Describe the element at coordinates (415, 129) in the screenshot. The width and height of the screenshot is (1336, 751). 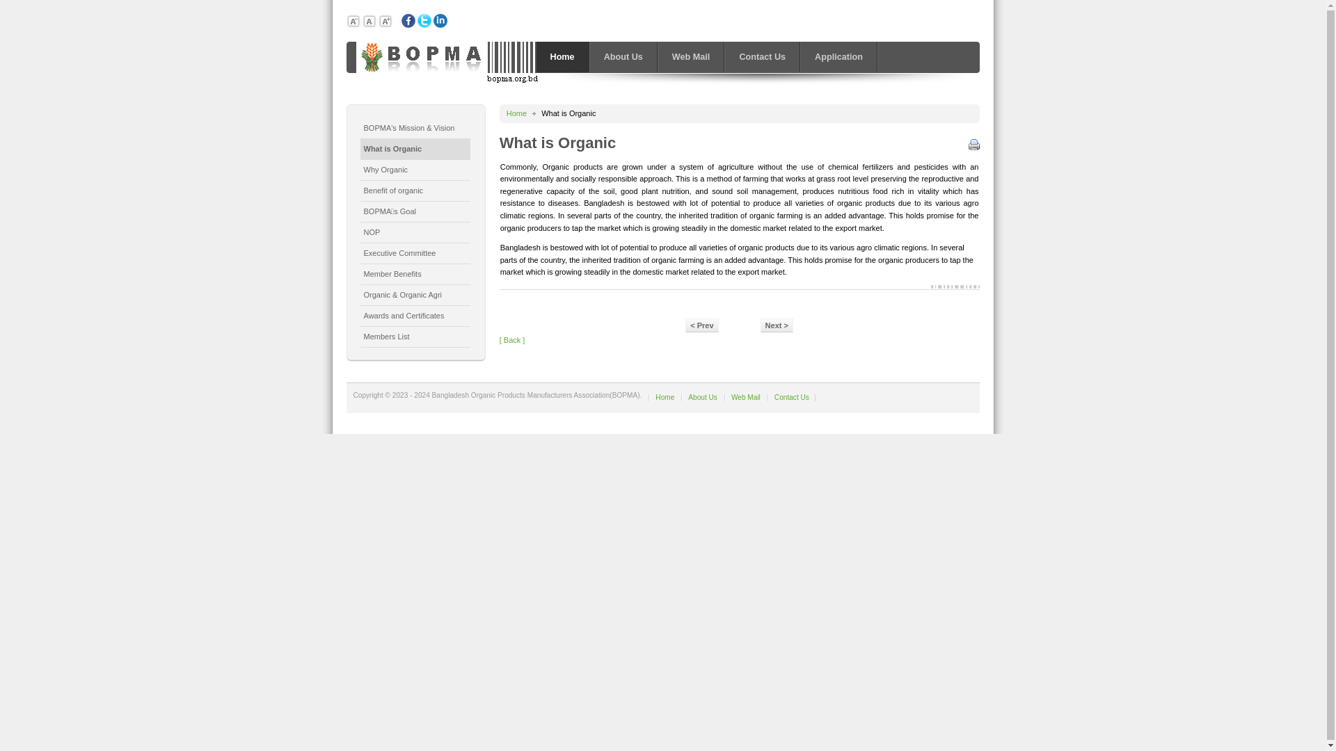
I see `'BOPMA's Mission & Vision'` at that location.